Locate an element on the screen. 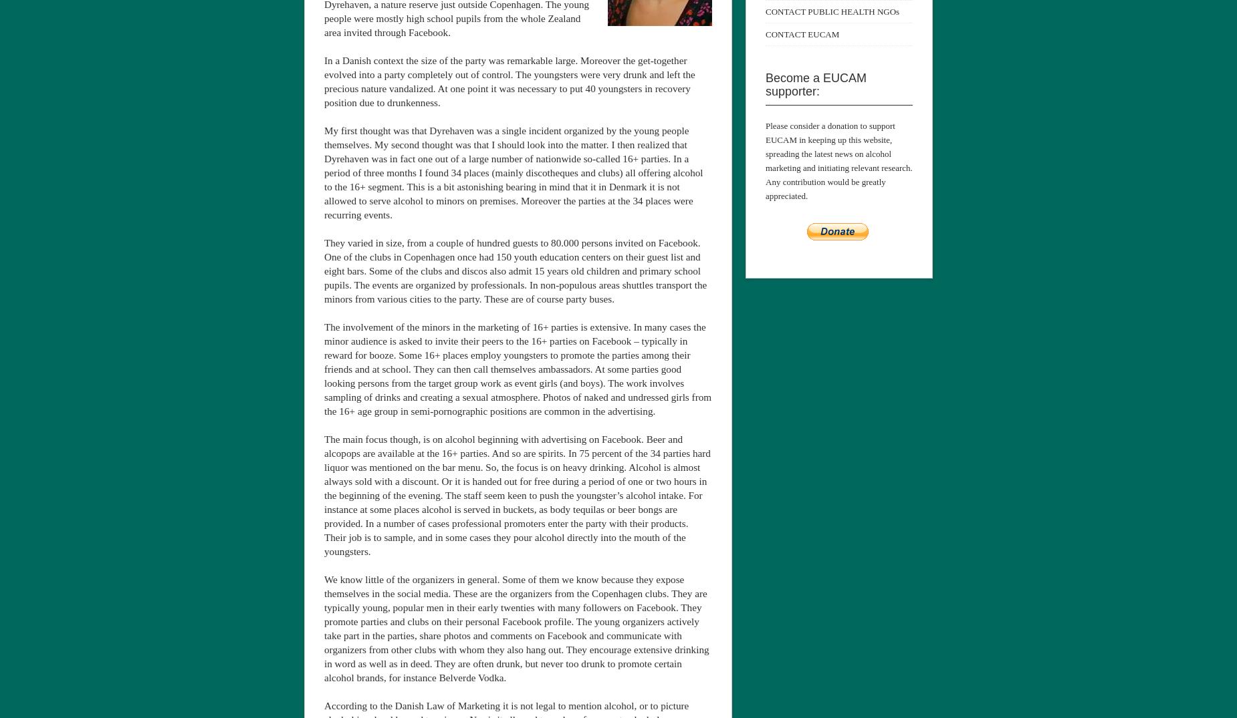 This screenshot has width=1237, height=718. 'Become a EUCAM supporter:' is located at coordinates (764, 83).